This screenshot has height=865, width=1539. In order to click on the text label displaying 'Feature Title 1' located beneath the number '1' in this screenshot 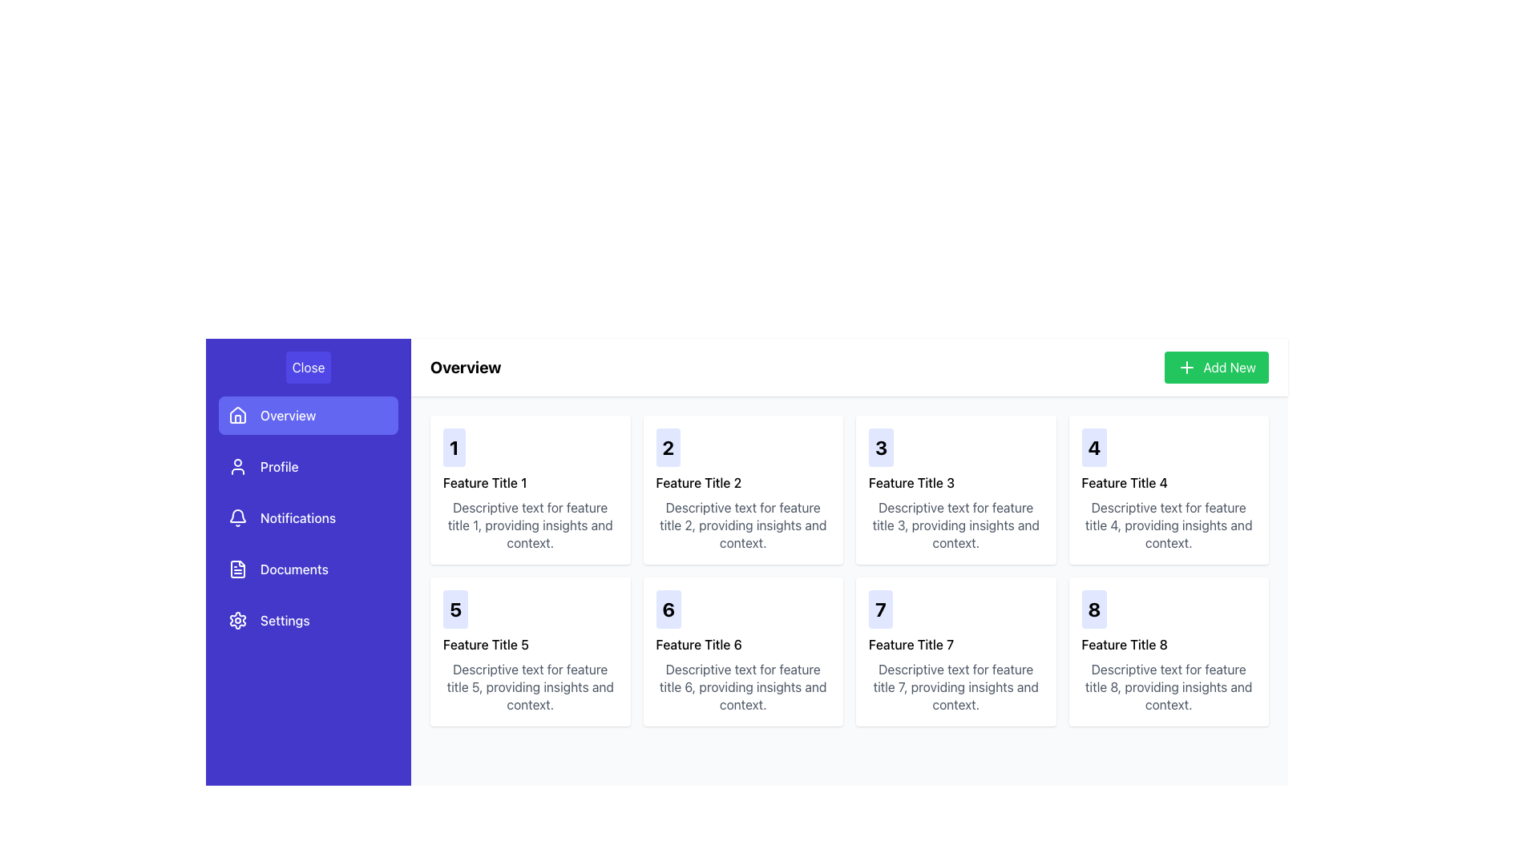, I will do `click(484, 481)`.